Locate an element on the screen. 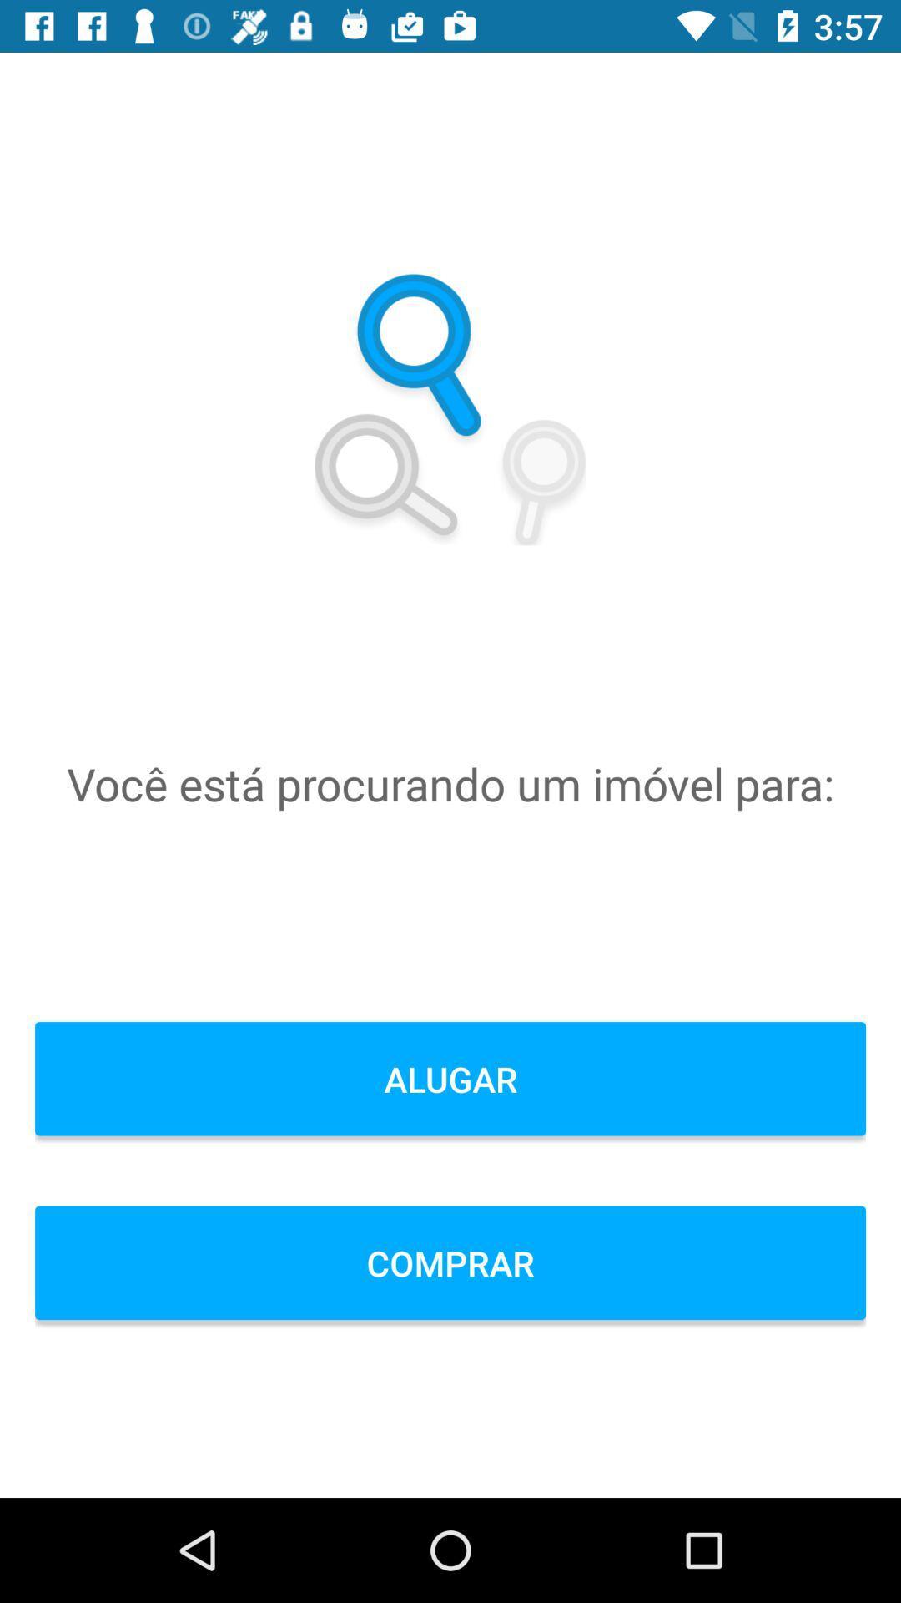 The width and height of the screenshot is (901, 1603). alugar icon is located at coordinates (450, 1079).